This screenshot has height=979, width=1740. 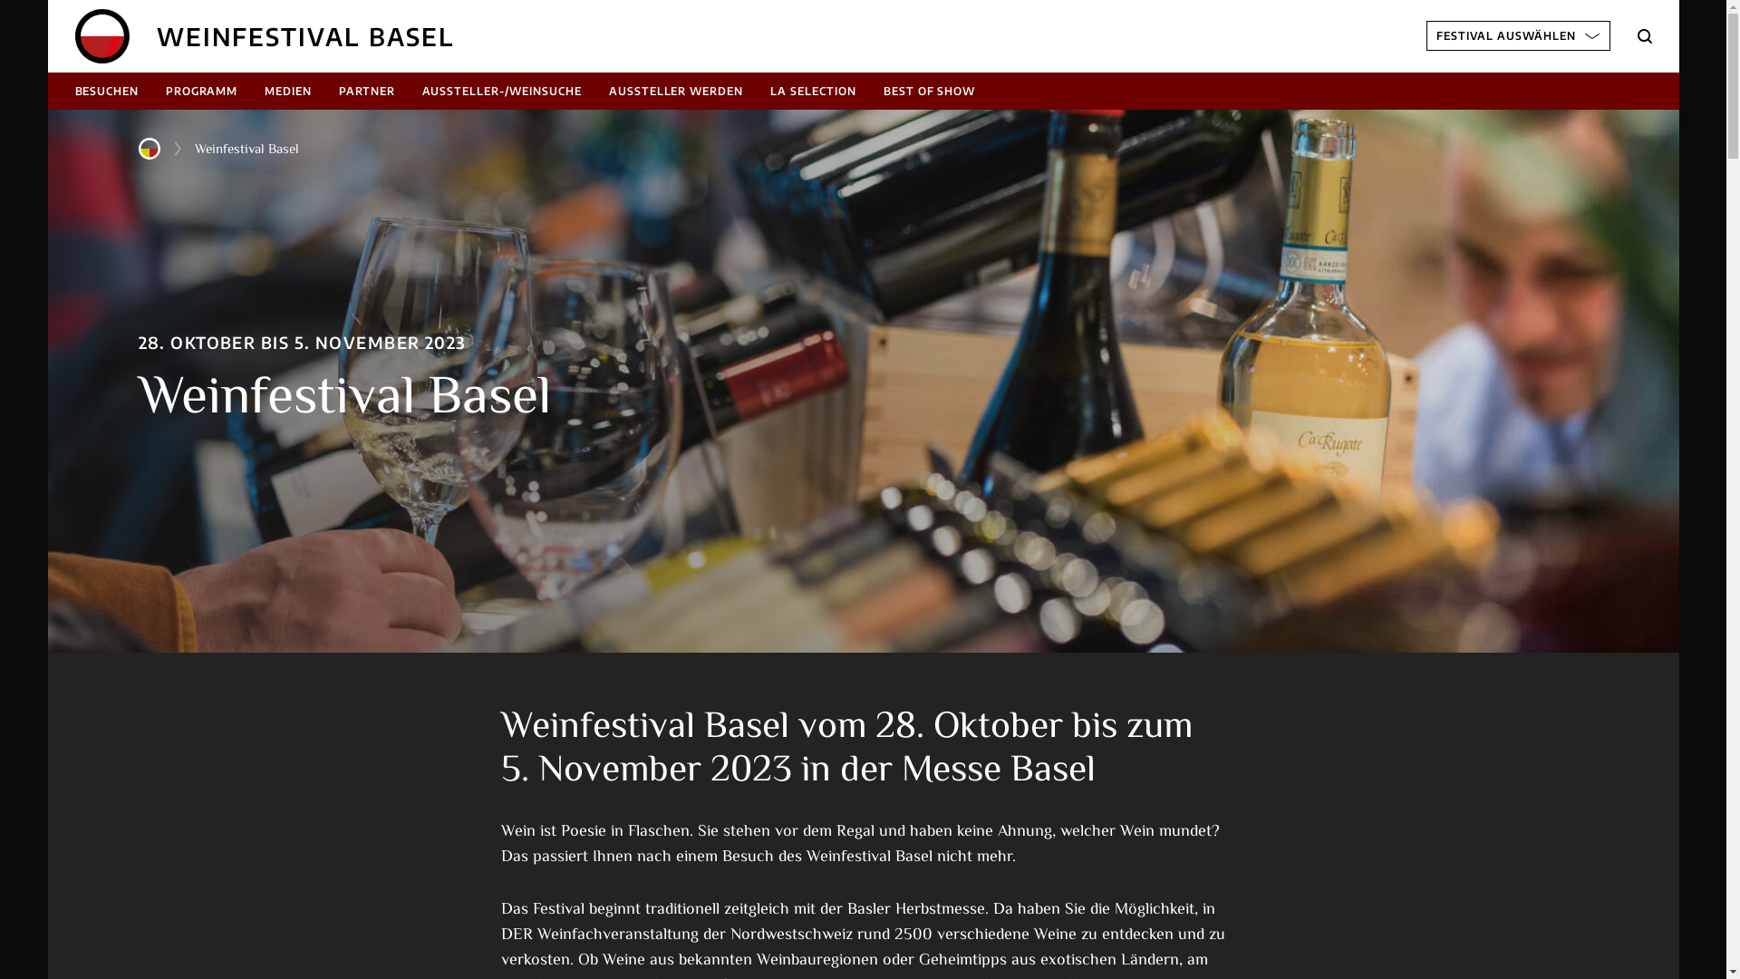 I want to click on 'MEDIEN', so click(x=286, y=91).